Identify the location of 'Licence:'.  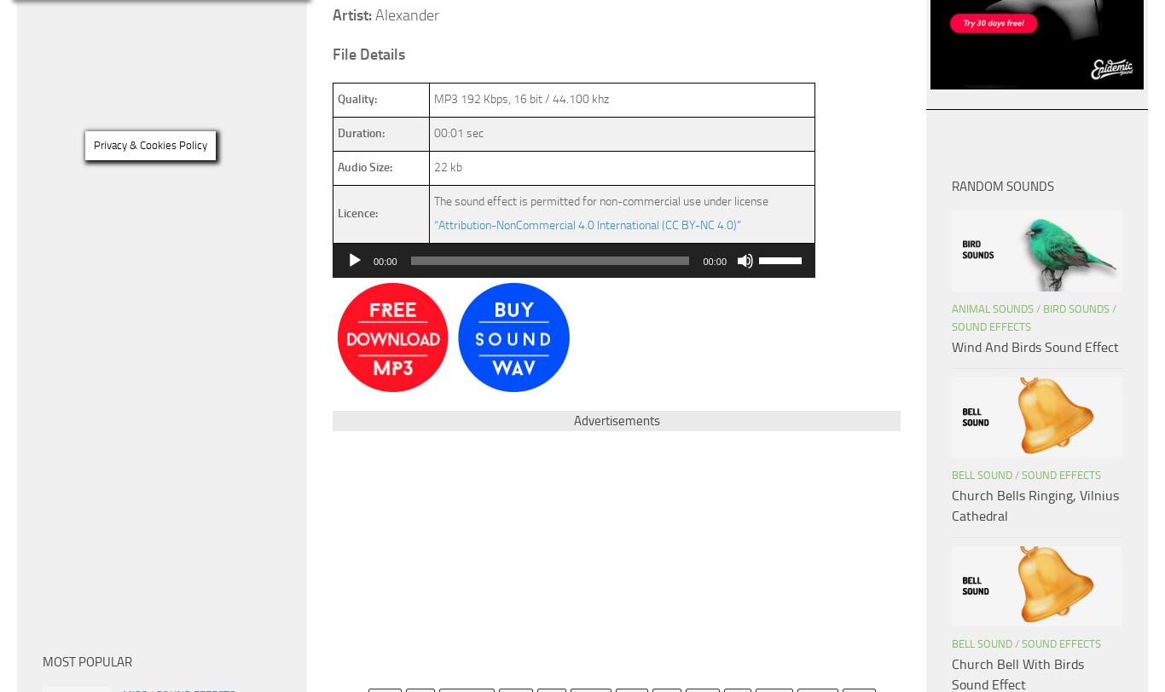
(356, 212).